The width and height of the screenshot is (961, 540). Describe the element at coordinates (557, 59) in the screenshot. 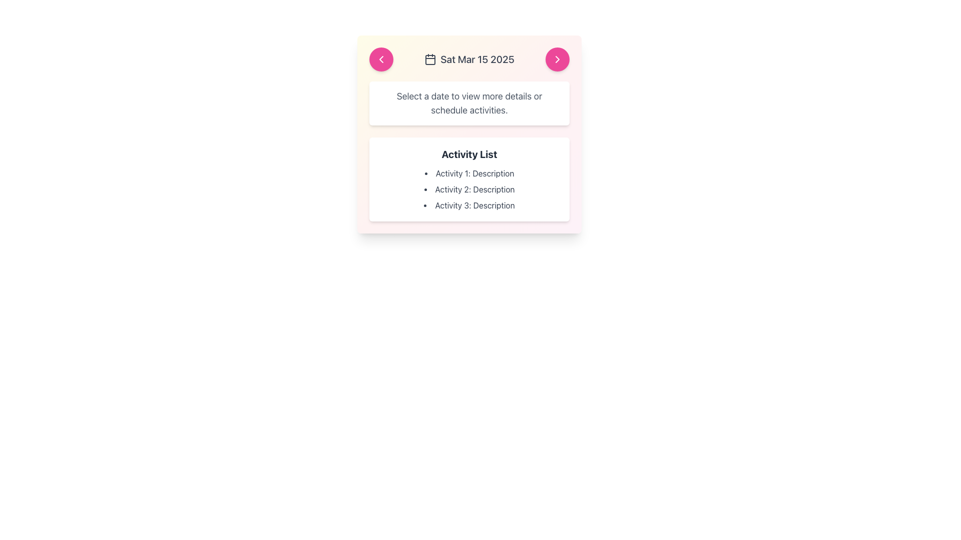

I see `the right-facing chevron button located at the top-right of the card layout` at that location.